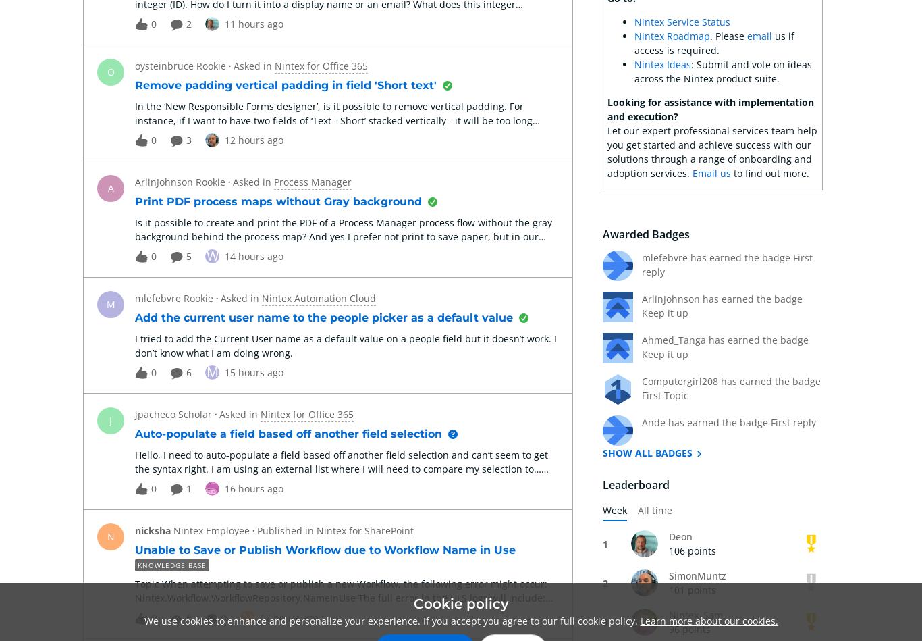  I want to click on '5', so click(189, 255).